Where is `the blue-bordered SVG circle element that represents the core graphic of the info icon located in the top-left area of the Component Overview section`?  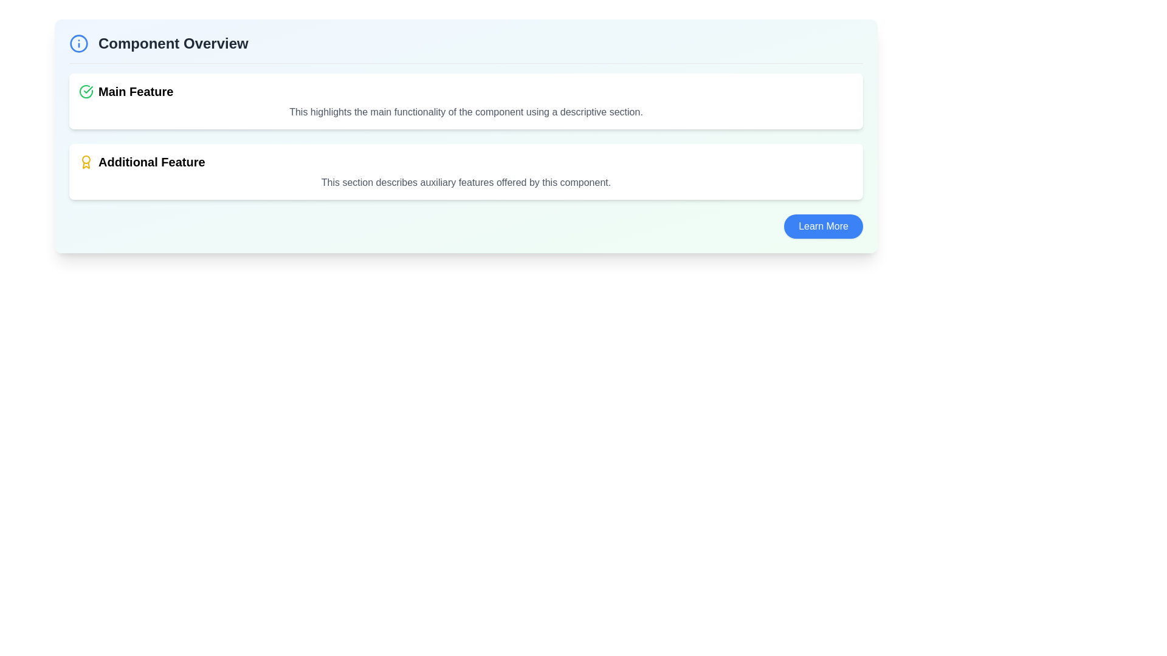
the blue-bordered SVG circle element that represents the core graphic of the info icon located in the top-left area of the Component Overview section is located at coordinates (78, 43).